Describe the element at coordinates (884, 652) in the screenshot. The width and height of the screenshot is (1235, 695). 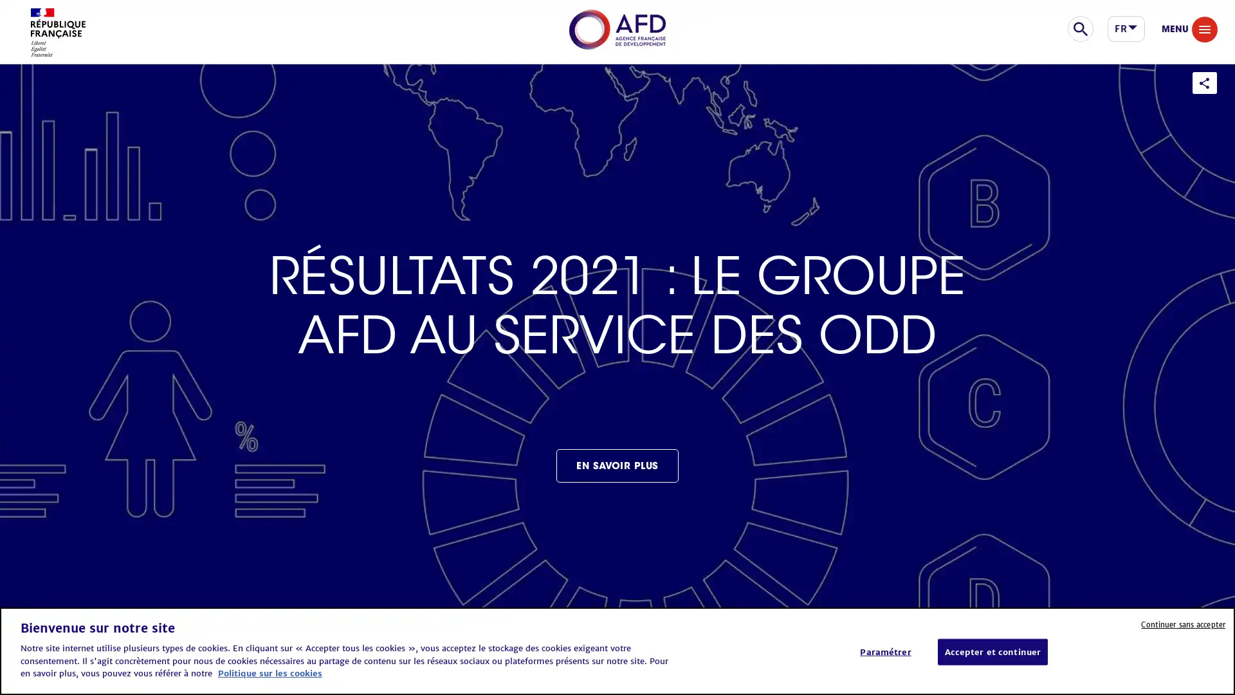
I see `Parametrer` at that location.